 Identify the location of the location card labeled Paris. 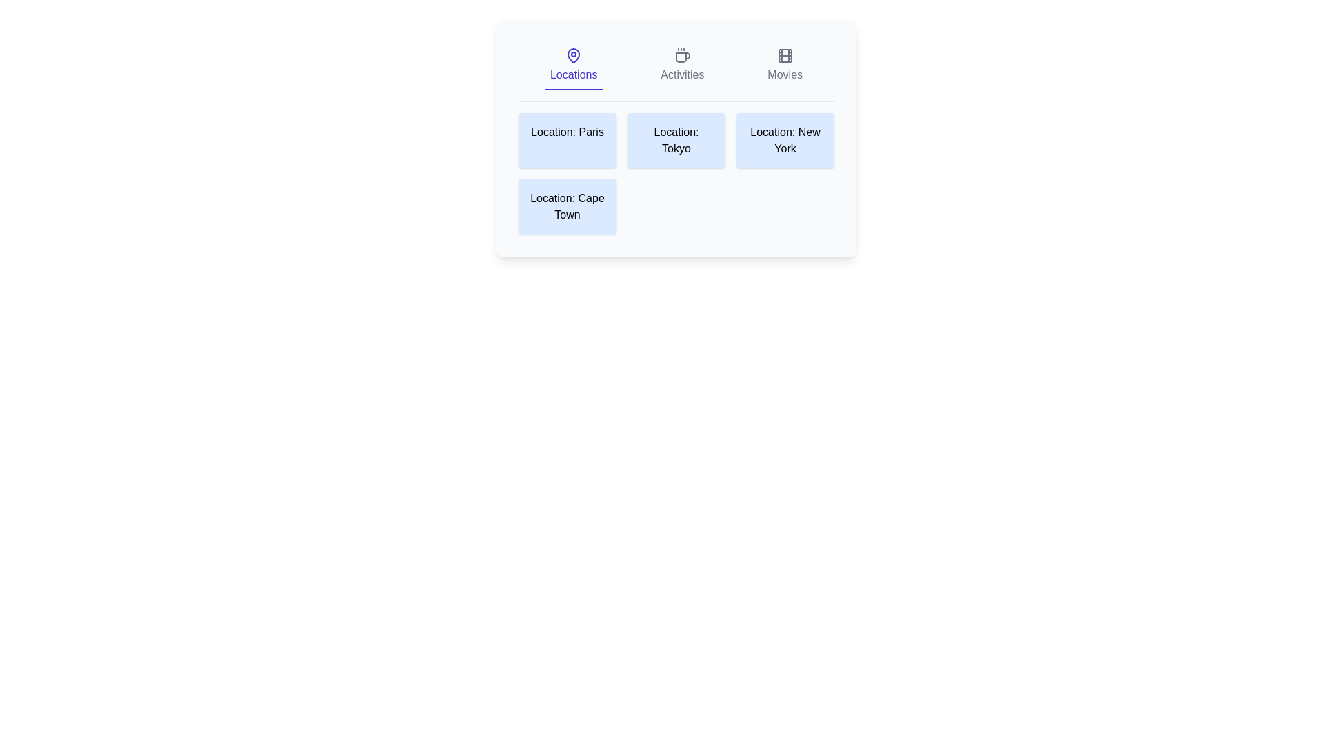
(567, 141).